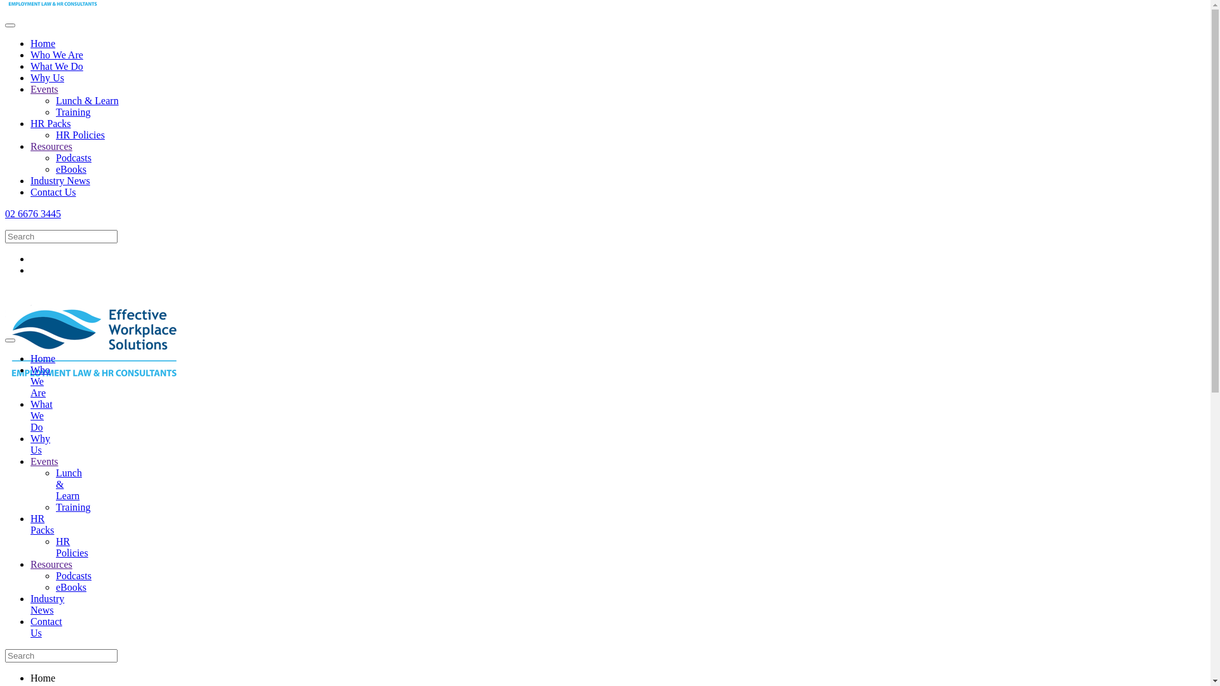 This screenshot has width=1220, height=686. Describe the element at coordinates (30, 54) in the screenshot. I see `'Who We Are'` at that location.